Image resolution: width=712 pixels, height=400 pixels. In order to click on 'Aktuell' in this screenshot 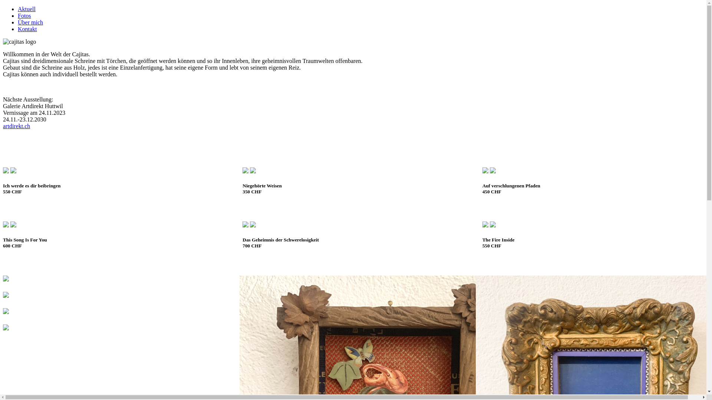, I will do `click(27, 9)`.